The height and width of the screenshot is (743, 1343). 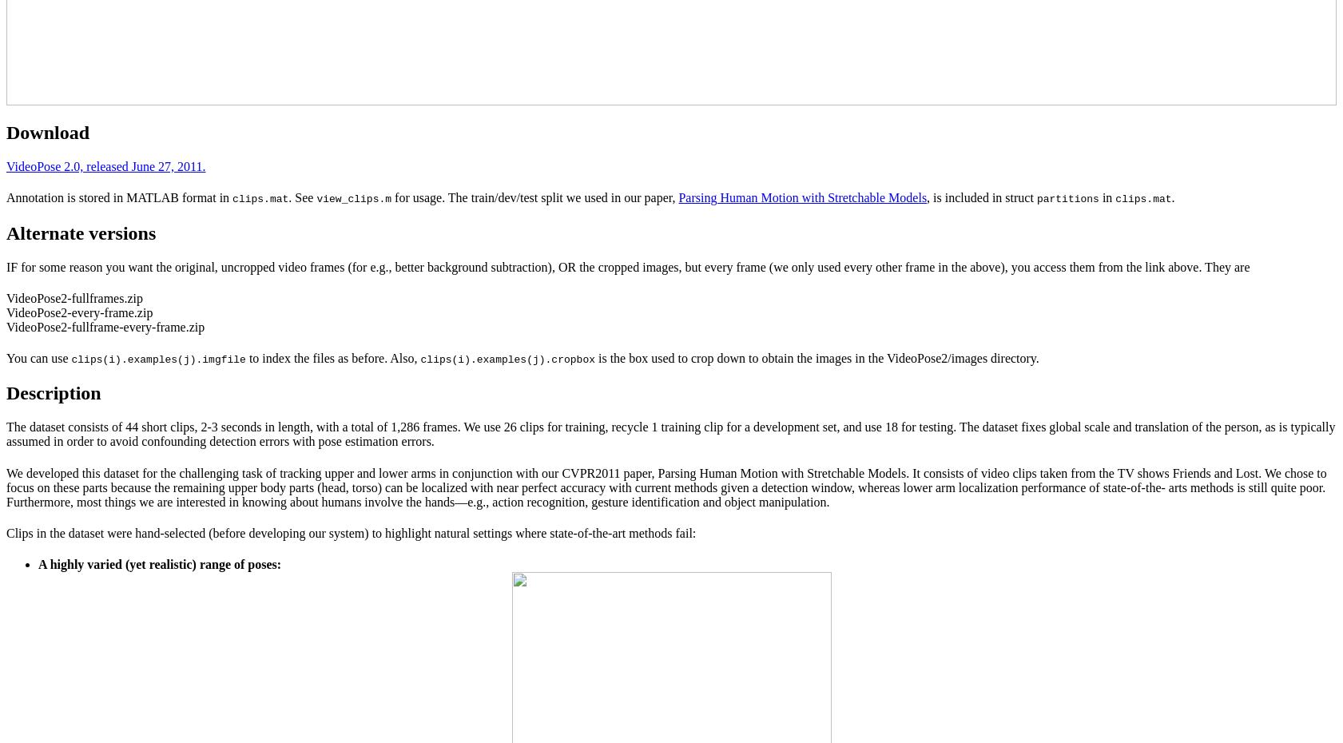 I want to click on 'Parsing Human Motion with Stretchable Models', so click(x=802, y=197).